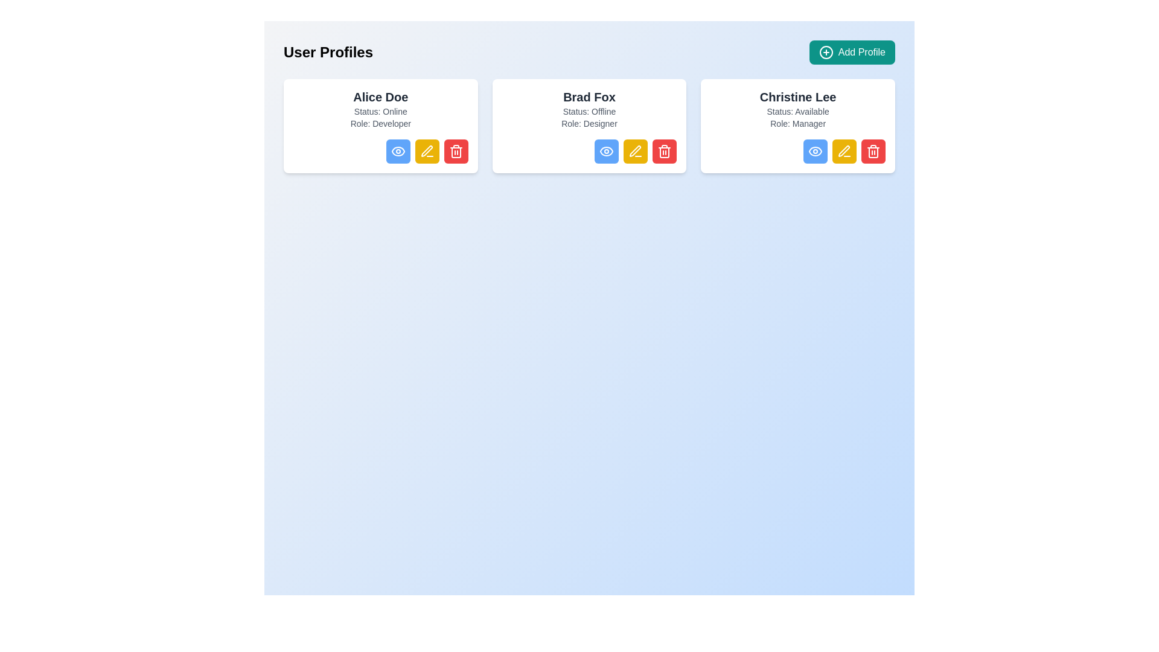 The height and width of the screenshot is (652, 1159). I want to click on the second action button icon for 'Alice Doe' in the first profile card, so click(427, 150).